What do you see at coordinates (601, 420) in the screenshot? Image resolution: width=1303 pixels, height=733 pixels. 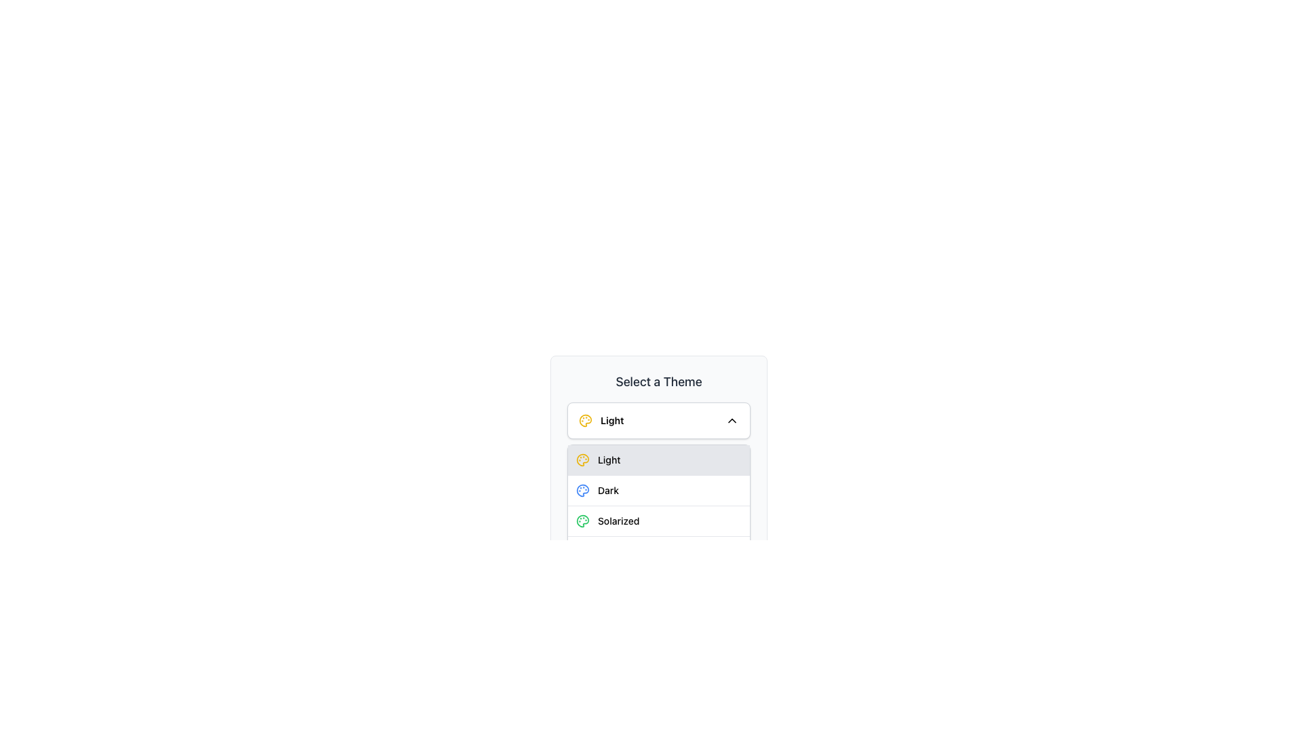 I see `the yellow palette icon associated with the 'Light' theme text` at bounding box center [601, 420].